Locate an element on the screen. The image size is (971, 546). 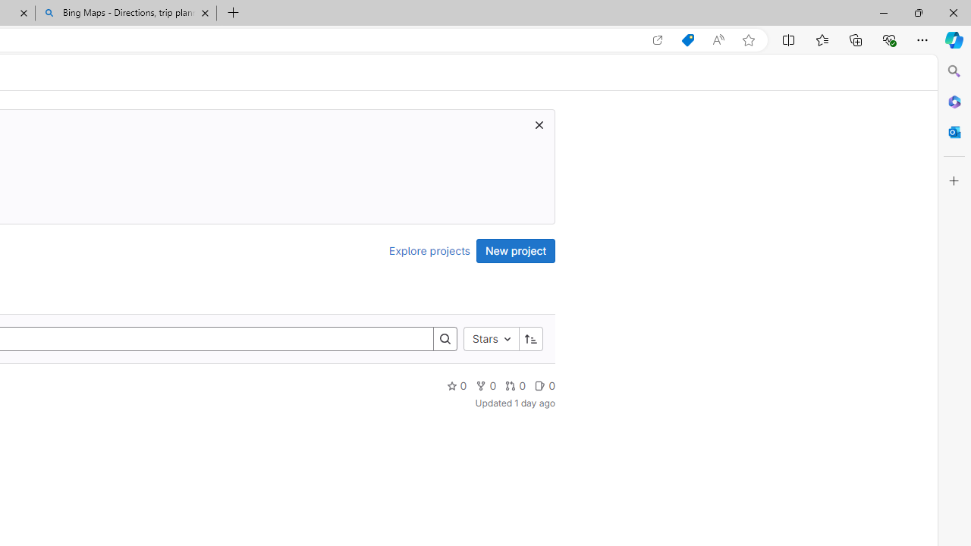
'Class: s14 gl-mr-2' is located at coordinates (540, 384).